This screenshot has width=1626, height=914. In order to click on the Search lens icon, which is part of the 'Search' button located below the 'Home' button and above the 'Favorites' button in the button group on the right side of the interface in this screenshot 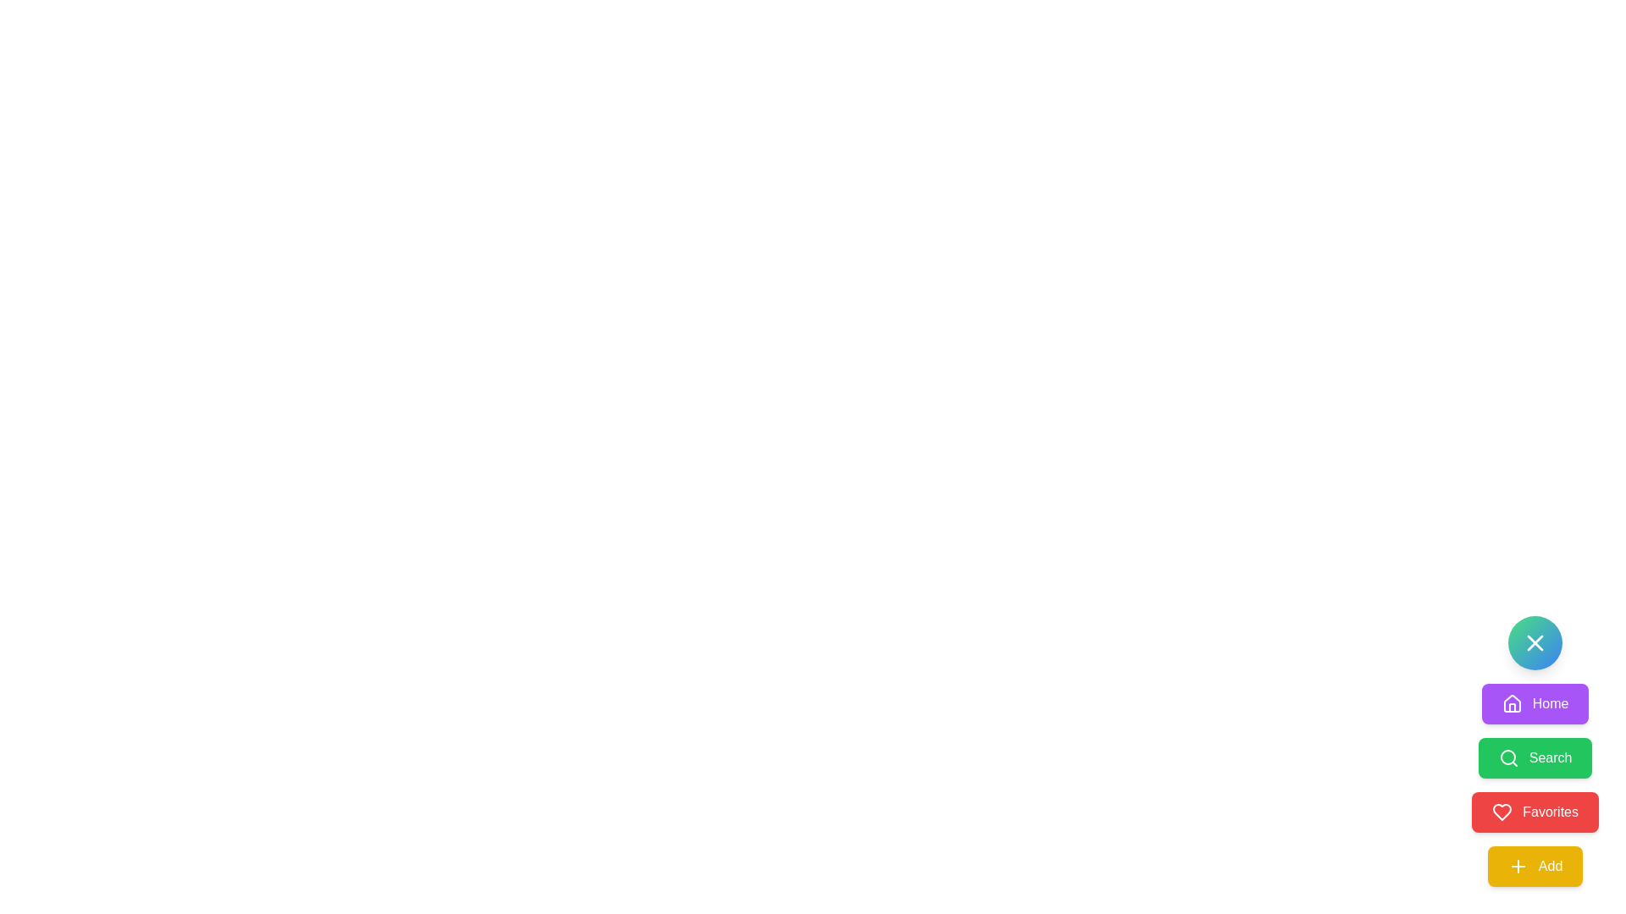, I will do `click(1507, 756)`.